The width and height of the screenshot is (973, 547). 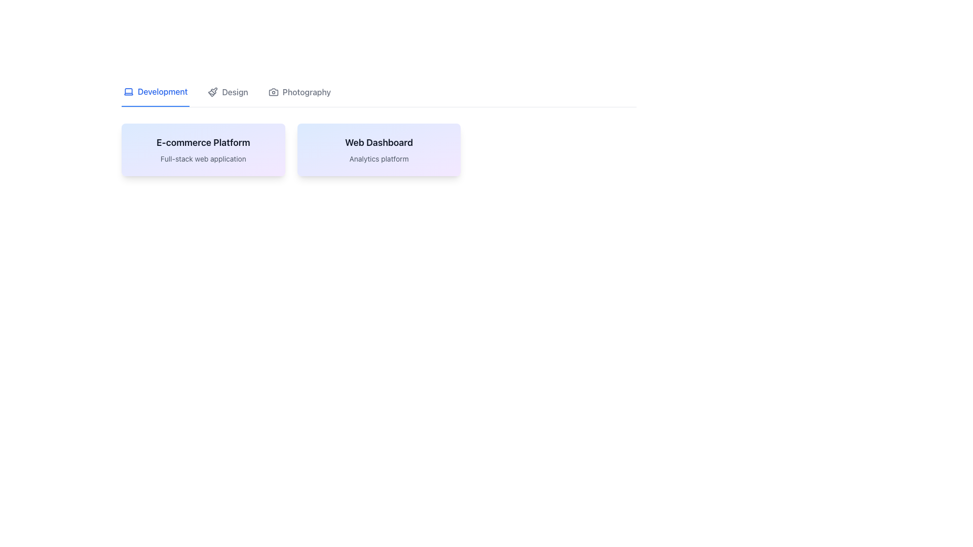 I want to click on the 'Development' tab button, which is the first in a row of three tab options, so click(x=155, y=96).